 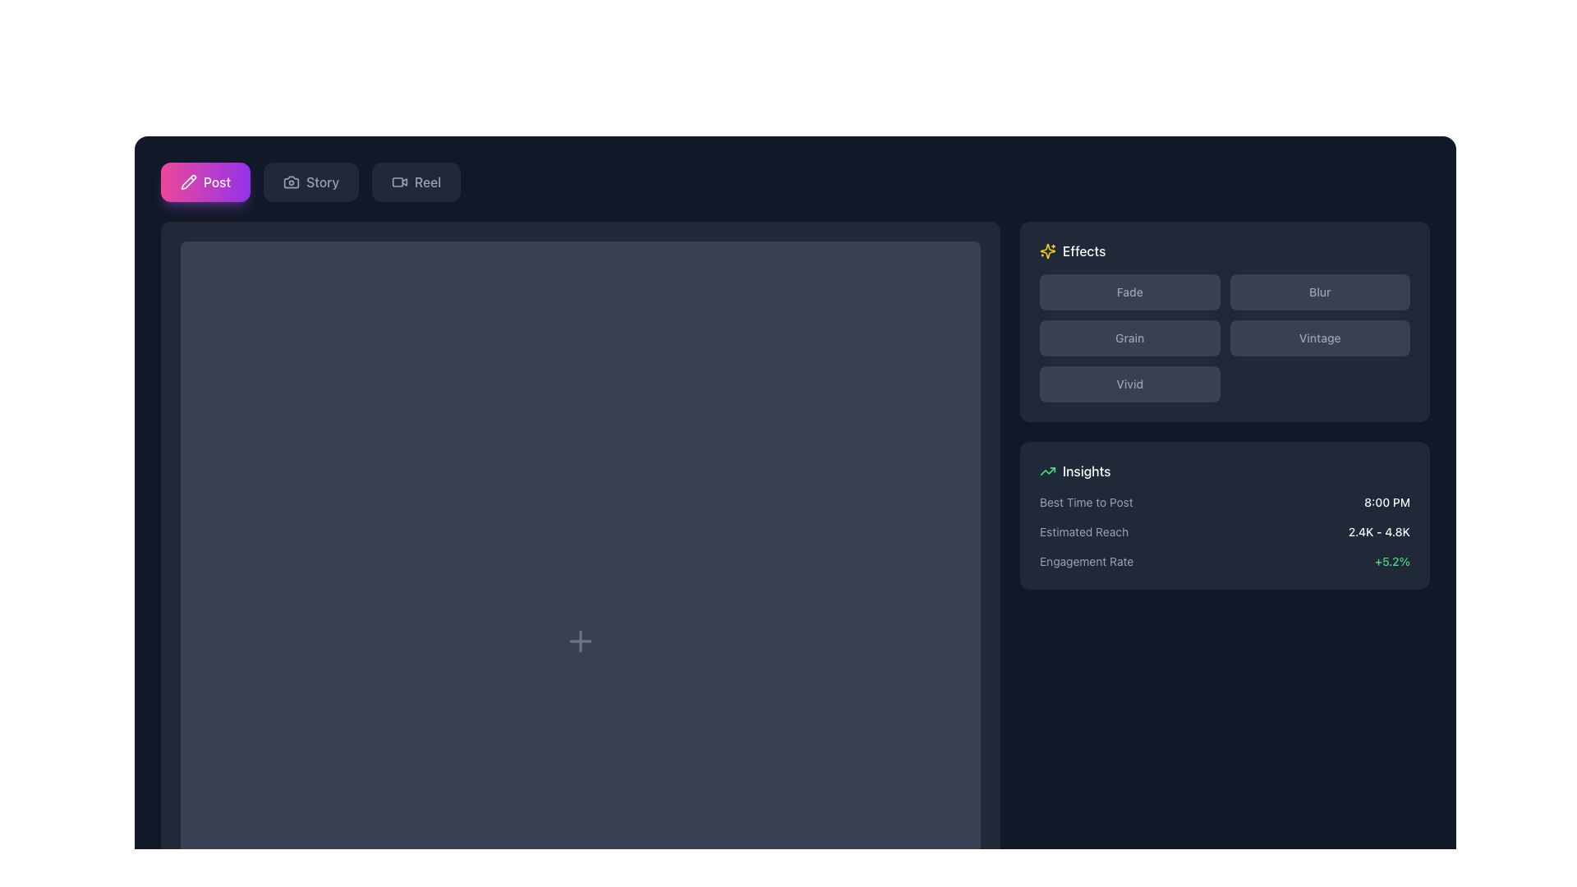 What do you see at coordinates (398, 182) in the screenshot?
I see `the filled rectangular shape with rounded corners that is part of the video icon, located between the 'Story' button and the 'Reel' button` at bounding box center [398, 182].